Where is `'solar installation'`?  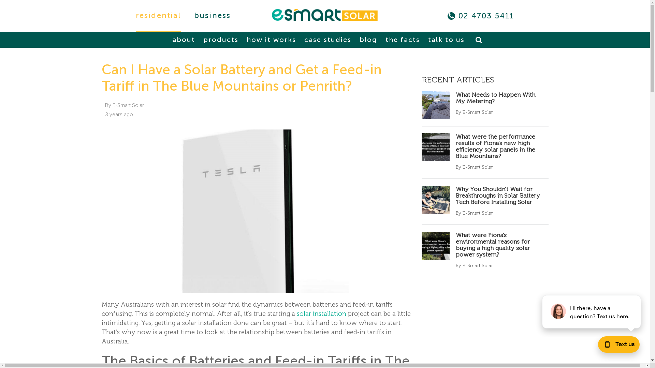
'solar installation' is located at coordinates (296, 313).